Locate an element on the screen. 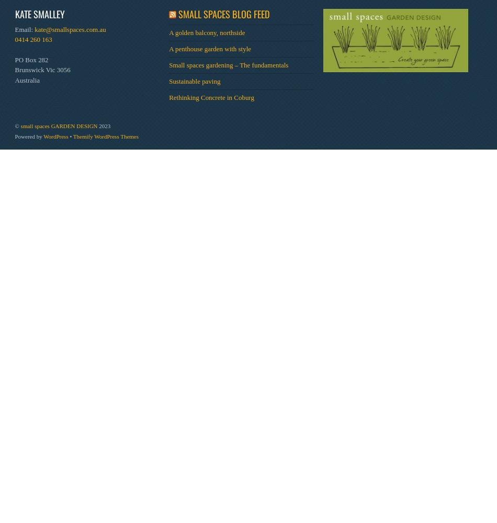 The height and width of the screenshot is (523, 497). 'Rethinking Concrete in Coburg' is located at coordinates (211, 97).